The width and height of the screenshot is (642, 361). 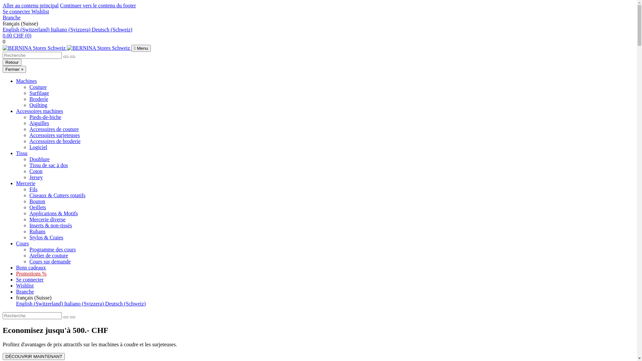 What do you see at coordinates (39, 111) in the screenshot?
I see `'Accessoires machines'` at bounding box center [39, 111].